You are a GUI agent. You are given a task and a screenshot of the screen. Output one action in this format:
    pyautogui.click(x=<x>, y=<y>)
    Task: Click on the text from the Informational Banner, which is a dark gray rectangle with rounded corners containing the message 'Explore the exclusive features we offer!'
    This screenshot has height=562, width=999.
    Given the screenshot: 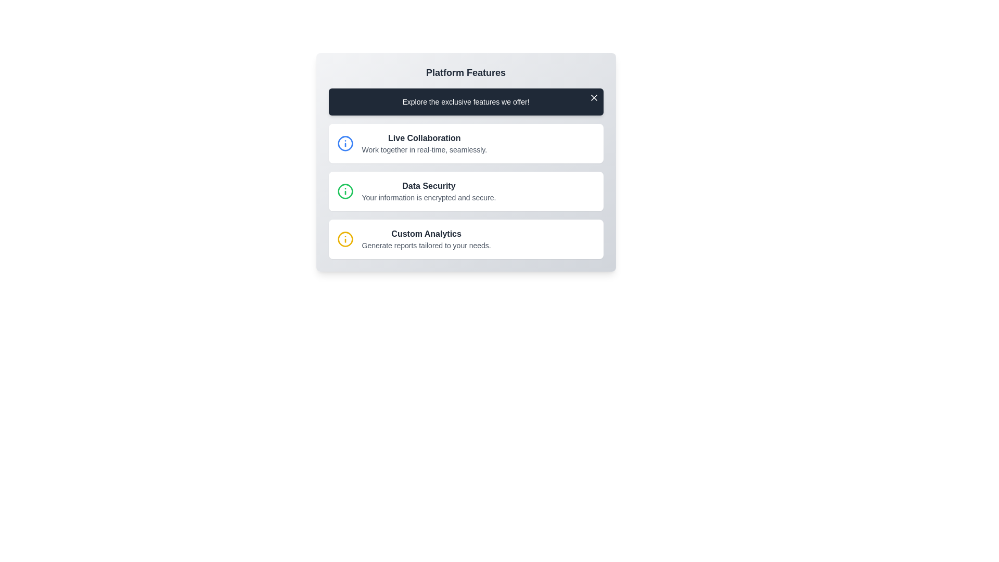 What is the action you would take?
    pyautogui.click(x=465, y=102)
    